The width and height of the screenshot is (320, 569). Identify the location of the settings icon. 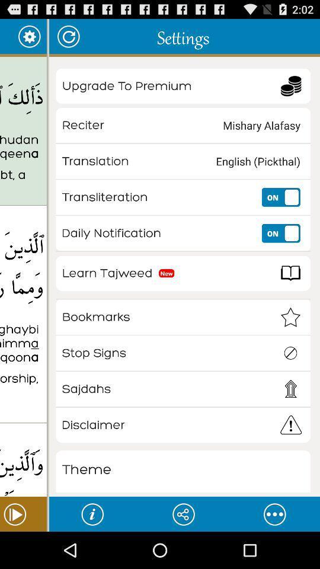
(29, 39).